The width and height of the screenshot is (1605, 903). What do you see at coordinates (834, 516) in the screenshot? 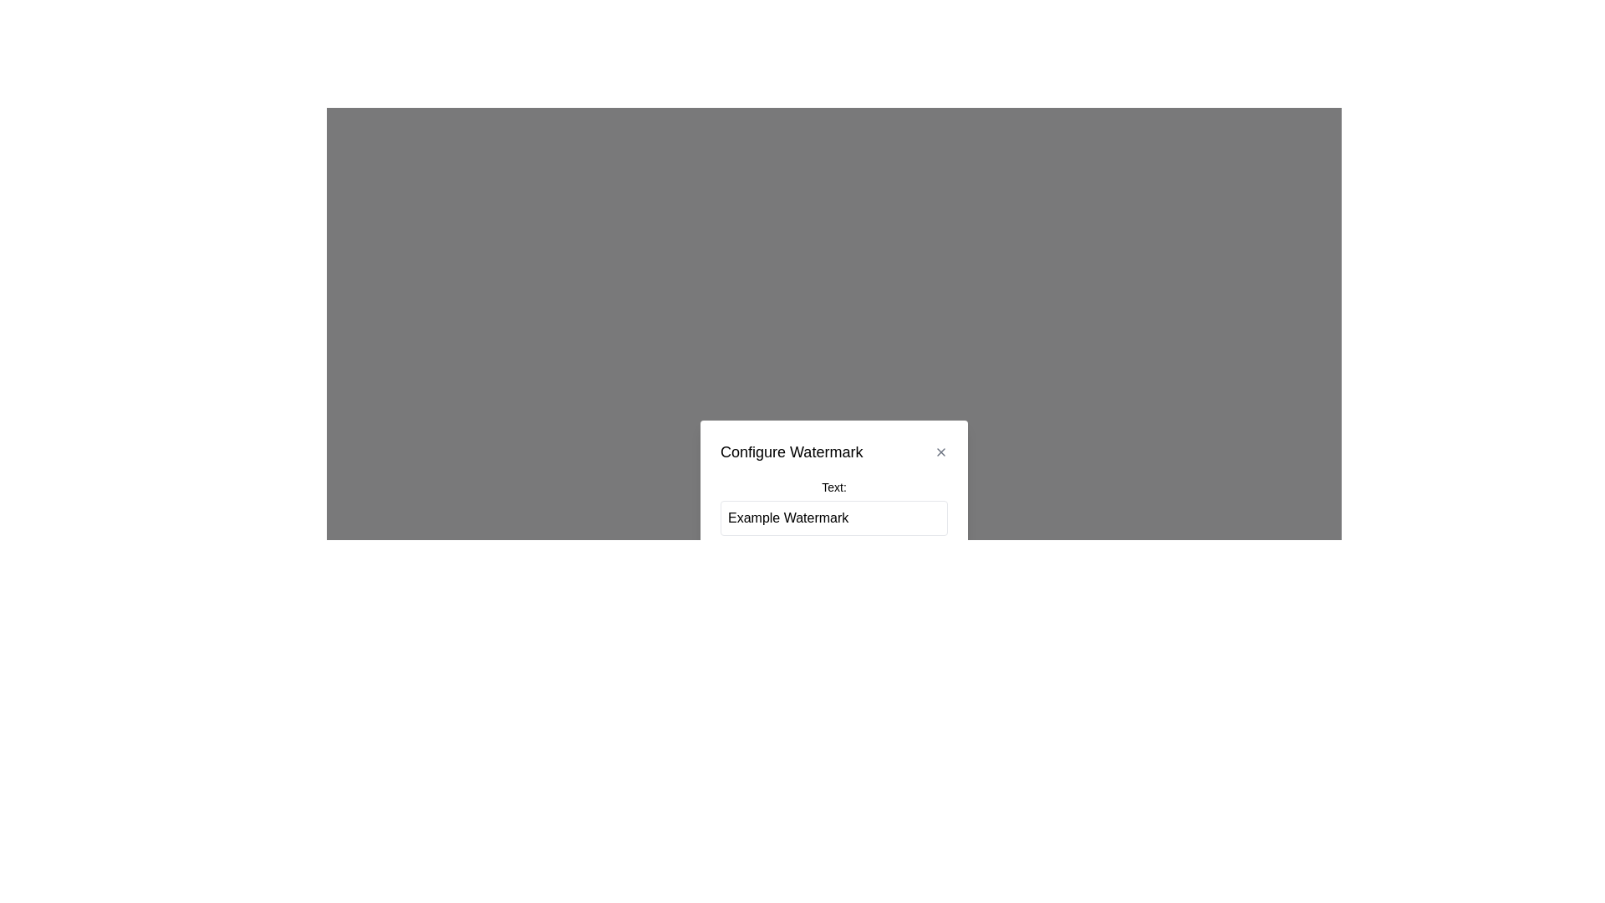
I see `the text input field located in the 'Configure Watermark' modal dialog, just after the label 'Text:', to focus and prepare for input` at bounding box center [834, 516].